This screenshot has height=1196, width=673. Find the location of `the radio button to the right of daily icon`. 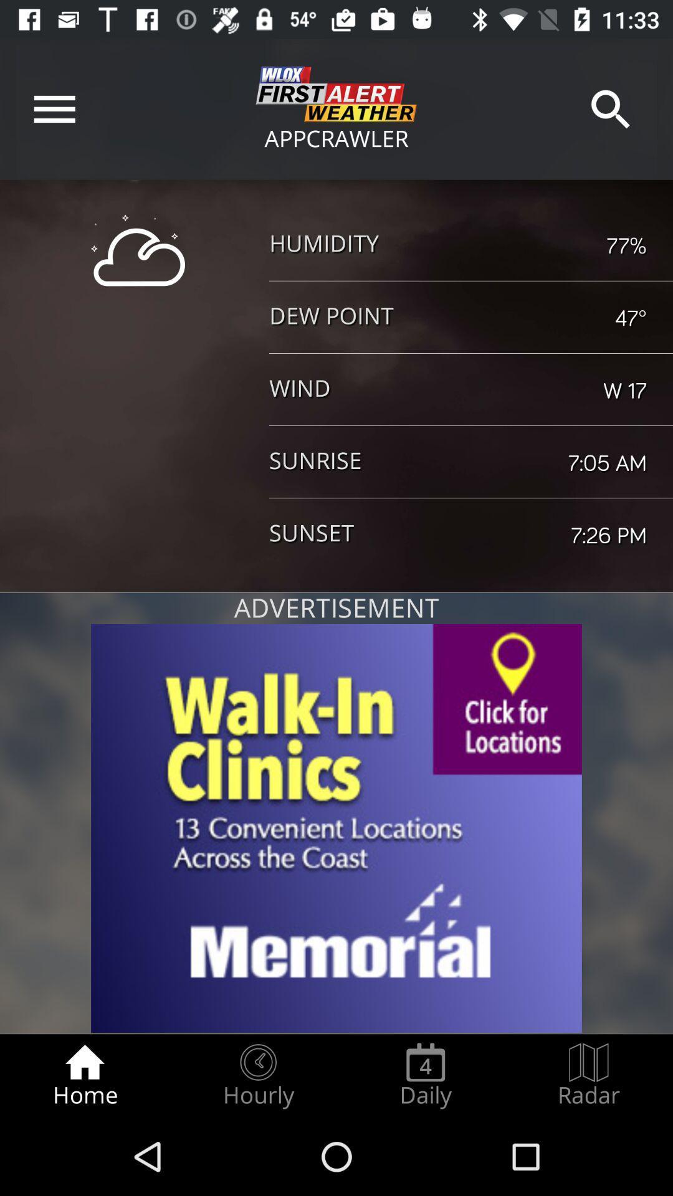

the radio button to the right of daily icon is located at coordinates (589, 1075).